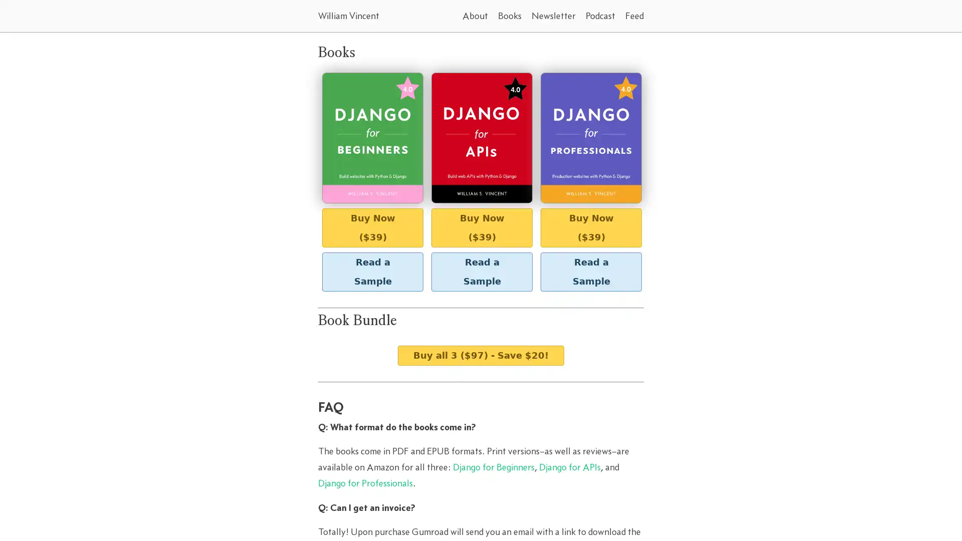 This screenshot has height=541, width=962. What do you see at coordinates (481, 355) in the screenshot?
I see `Buy all 3 ($97) - Save $20!` at bounding box center [481, 355].